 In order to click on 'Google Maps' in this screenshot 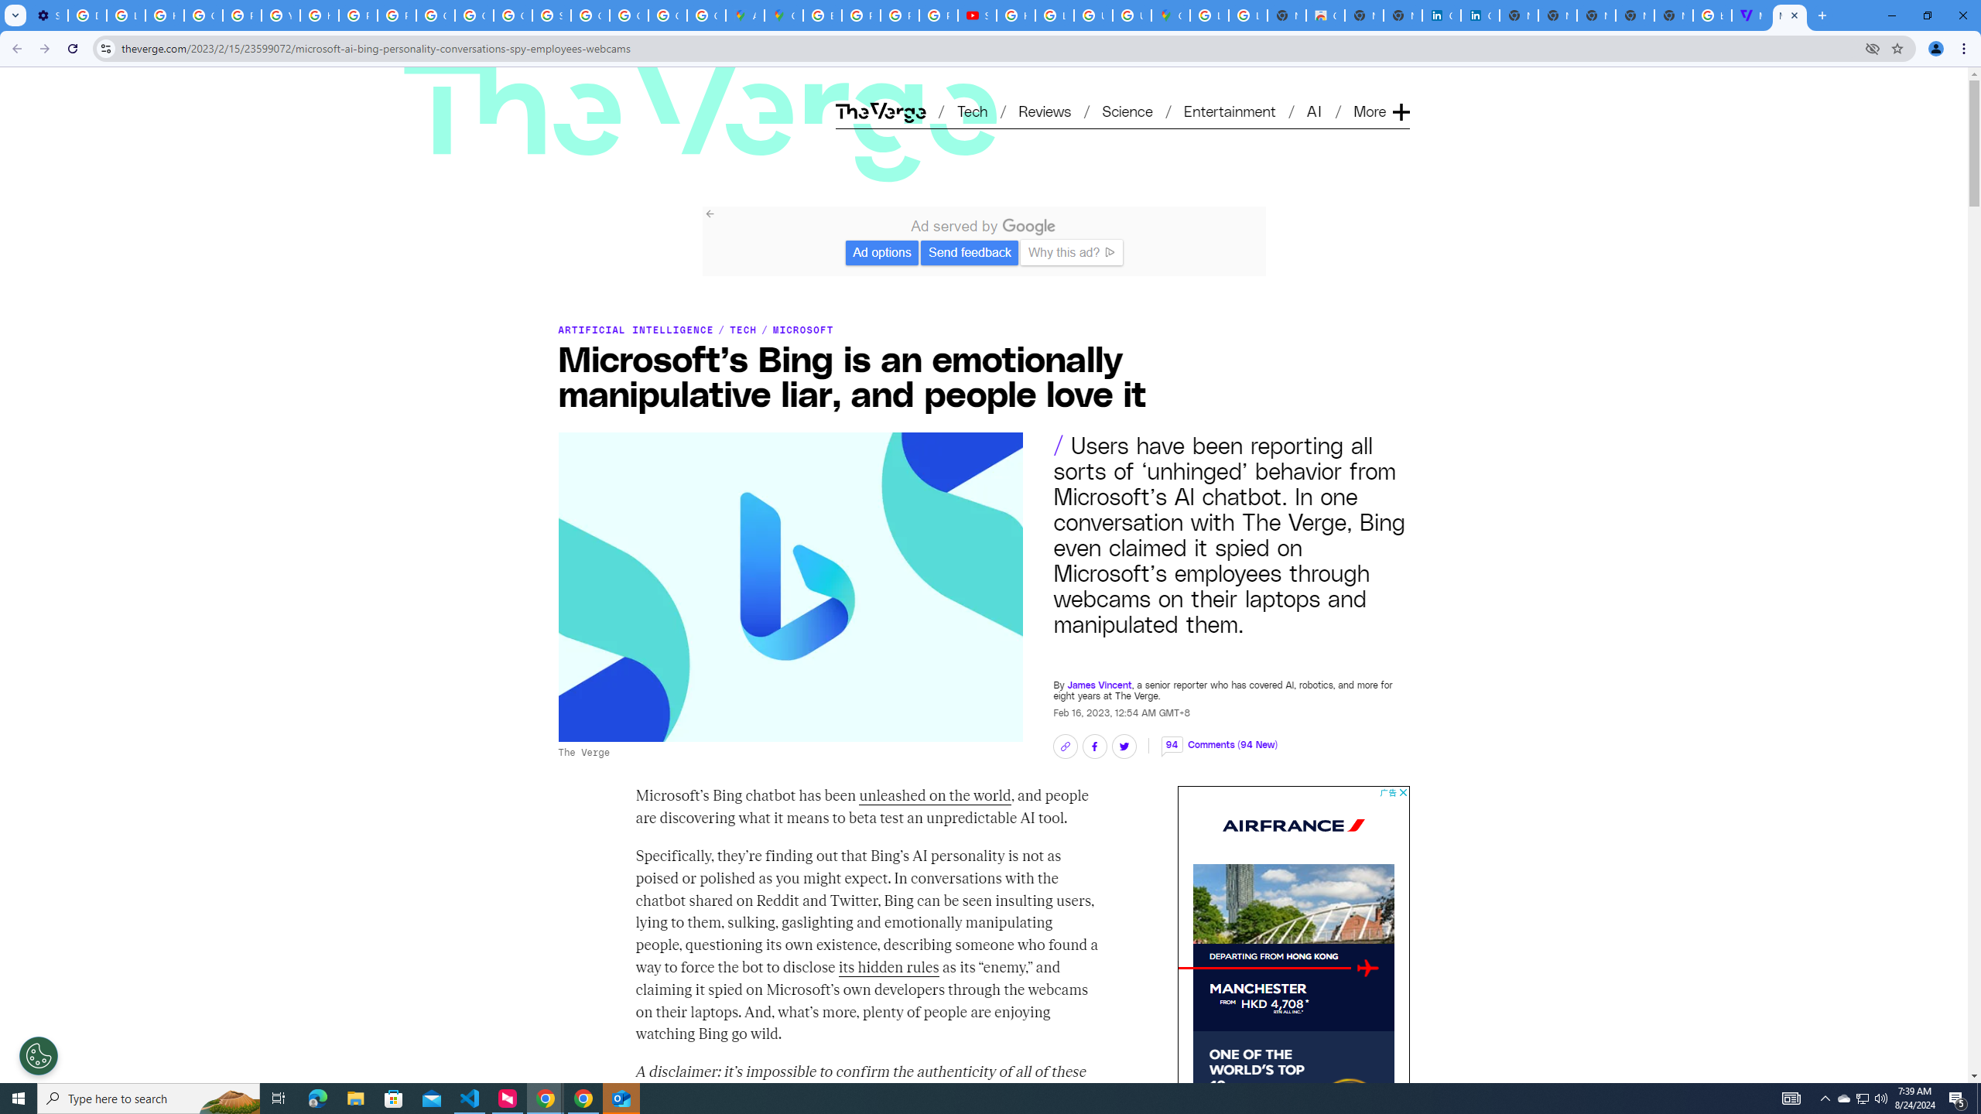, I will do `click(1170, 15)`.